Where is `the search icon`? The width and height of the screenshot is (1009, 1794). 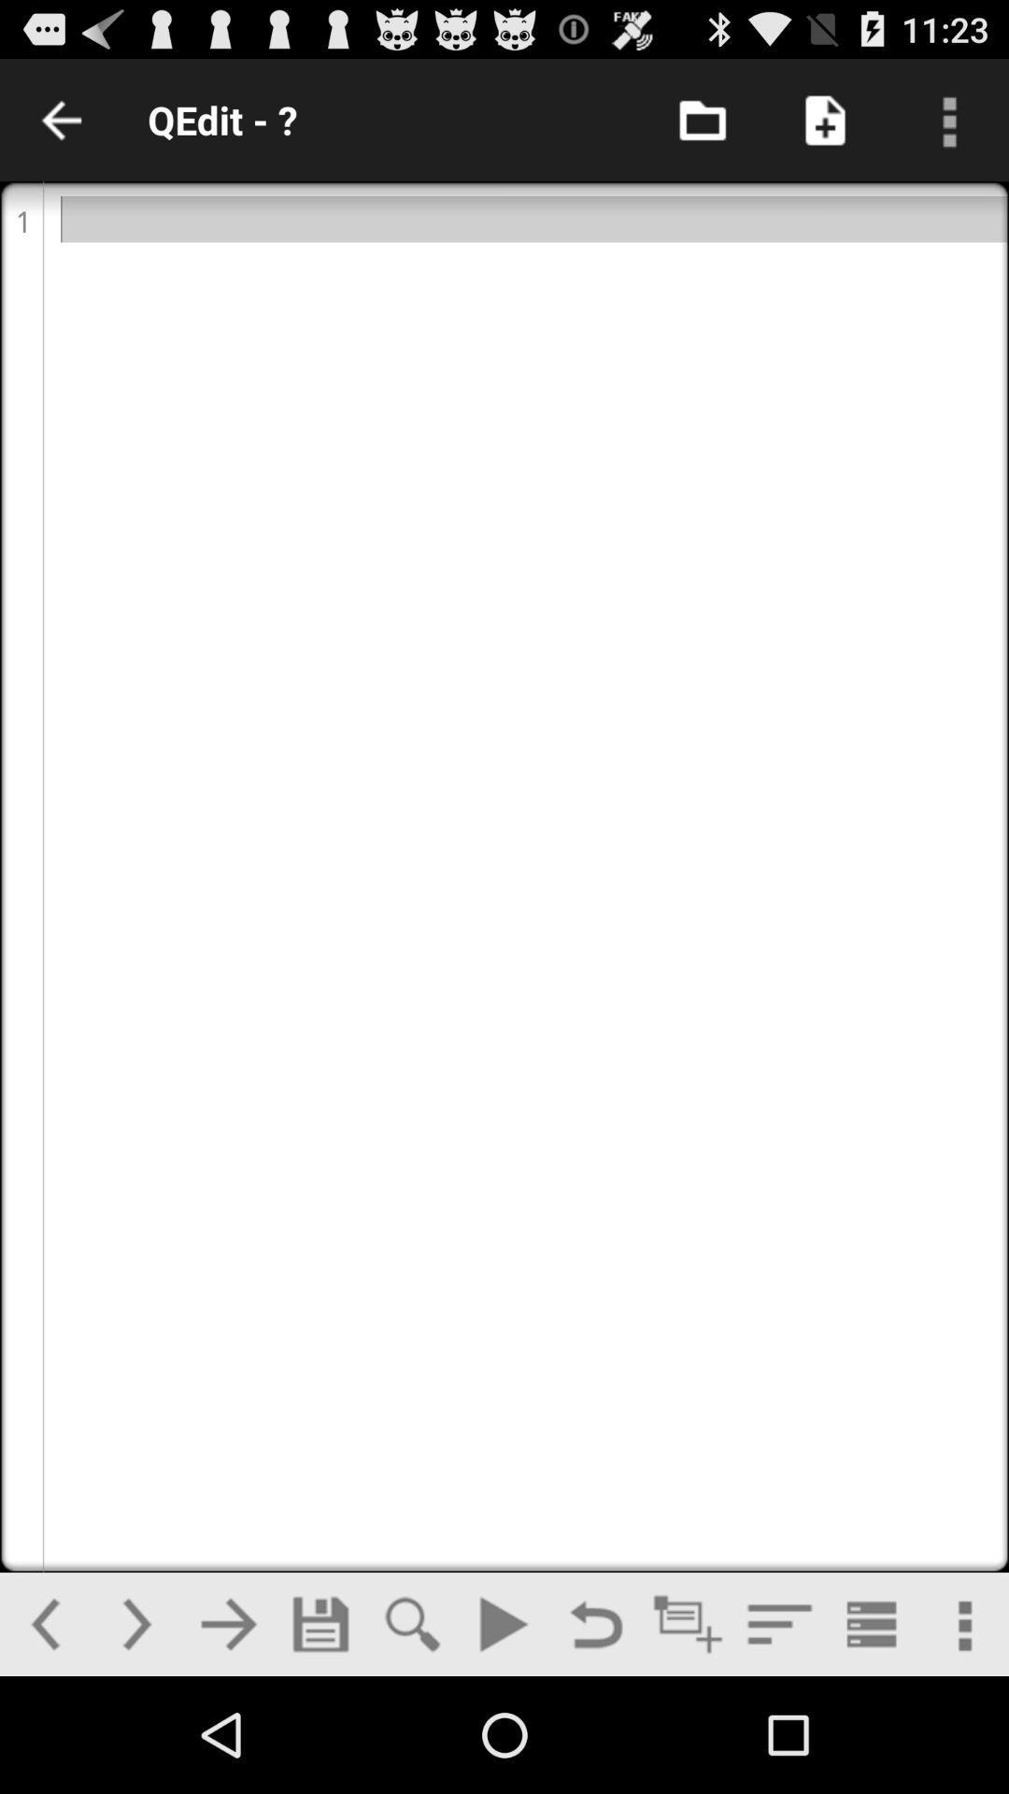 the search icon is located at coordinates (411, 1737).